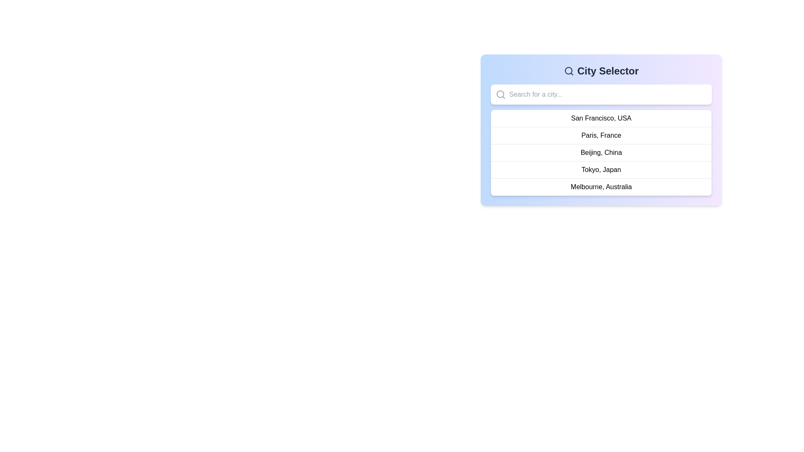 The width and height of the screenshot is (804, 452). I want to click on the fifth option in the city selection dropdown, so click(600, 186).